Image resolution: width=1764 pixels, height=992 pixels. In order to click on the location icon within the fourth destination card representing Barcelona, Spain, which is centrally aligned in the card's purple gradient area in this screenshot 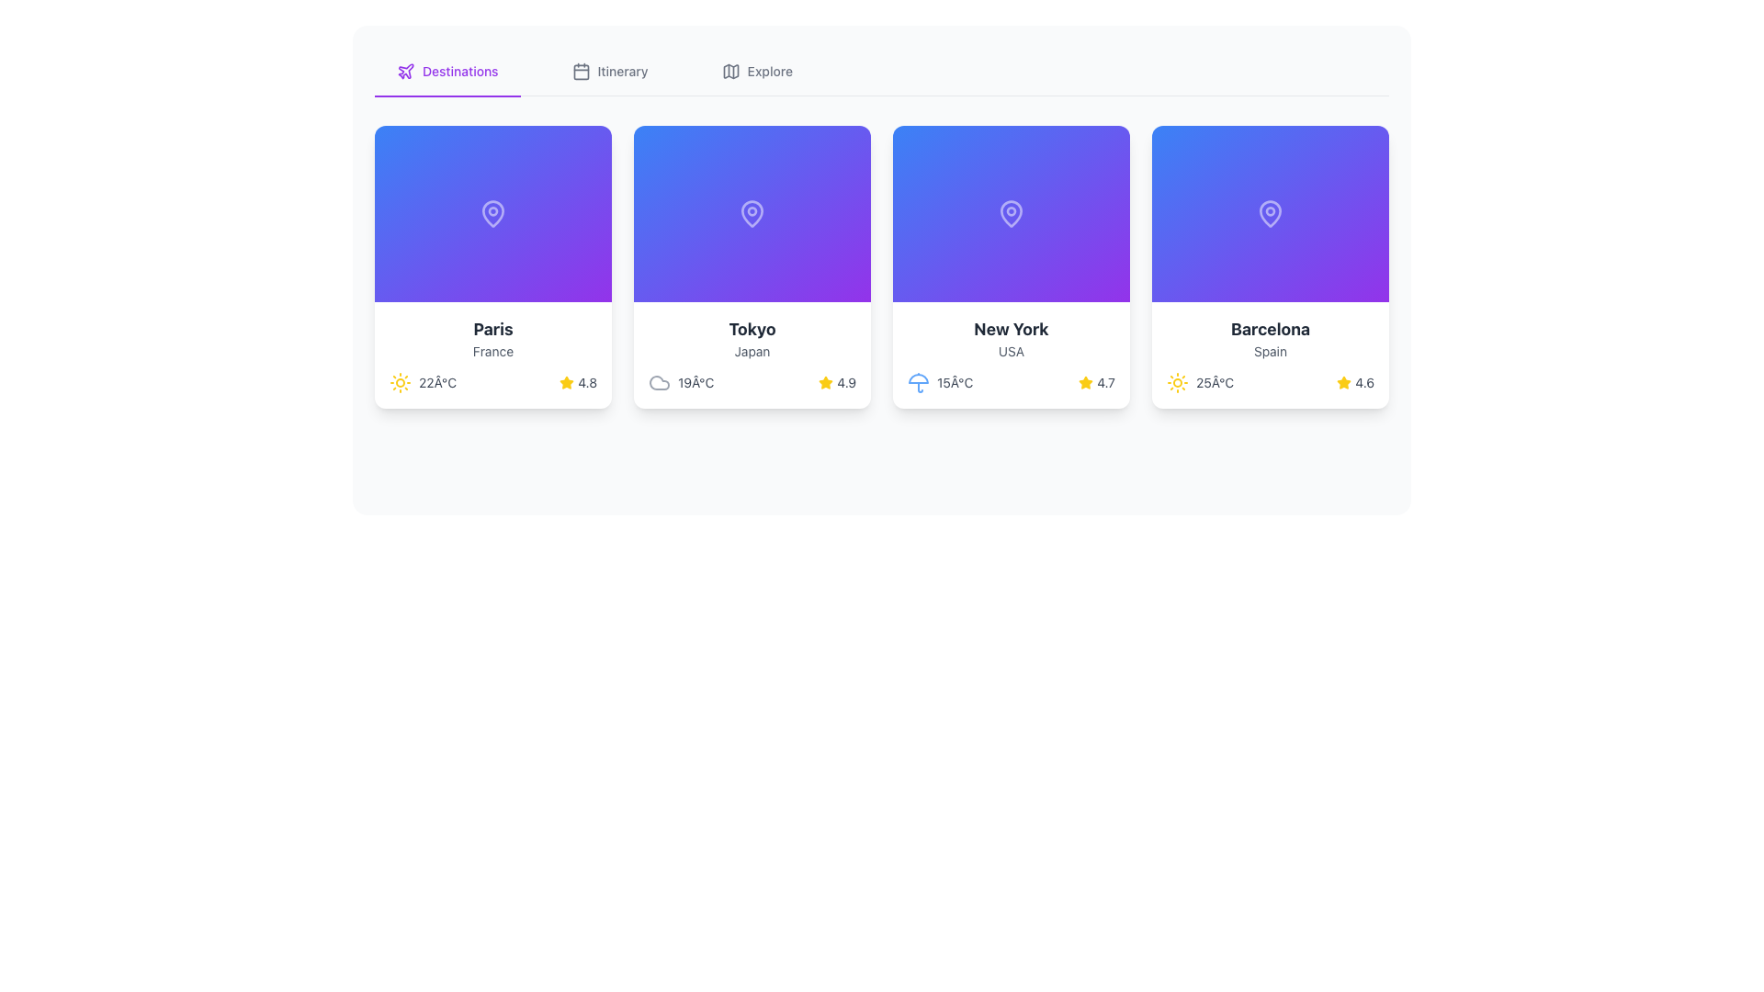, I will do `click(1269, 212)`.